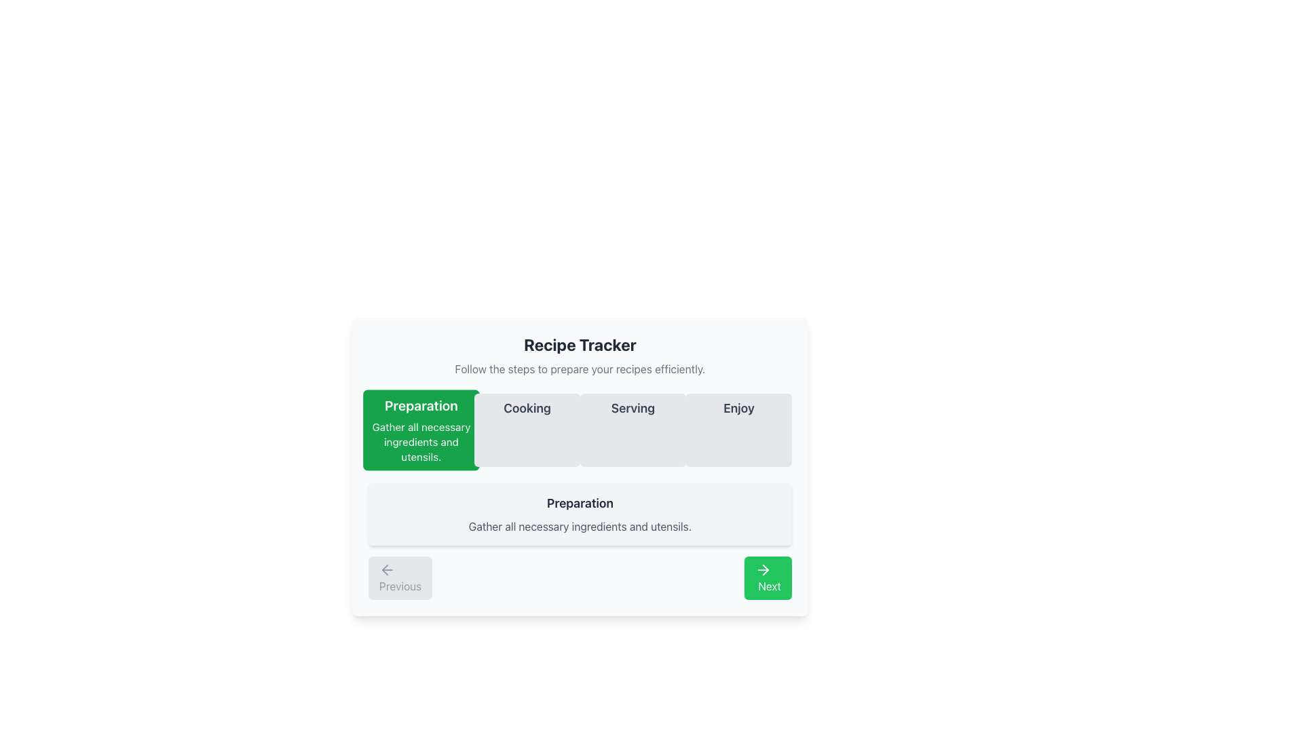 This screenshot has height=733, width=1303. I want to click on the left arrow icon located on the 'Previous' button, so click(387, 570).